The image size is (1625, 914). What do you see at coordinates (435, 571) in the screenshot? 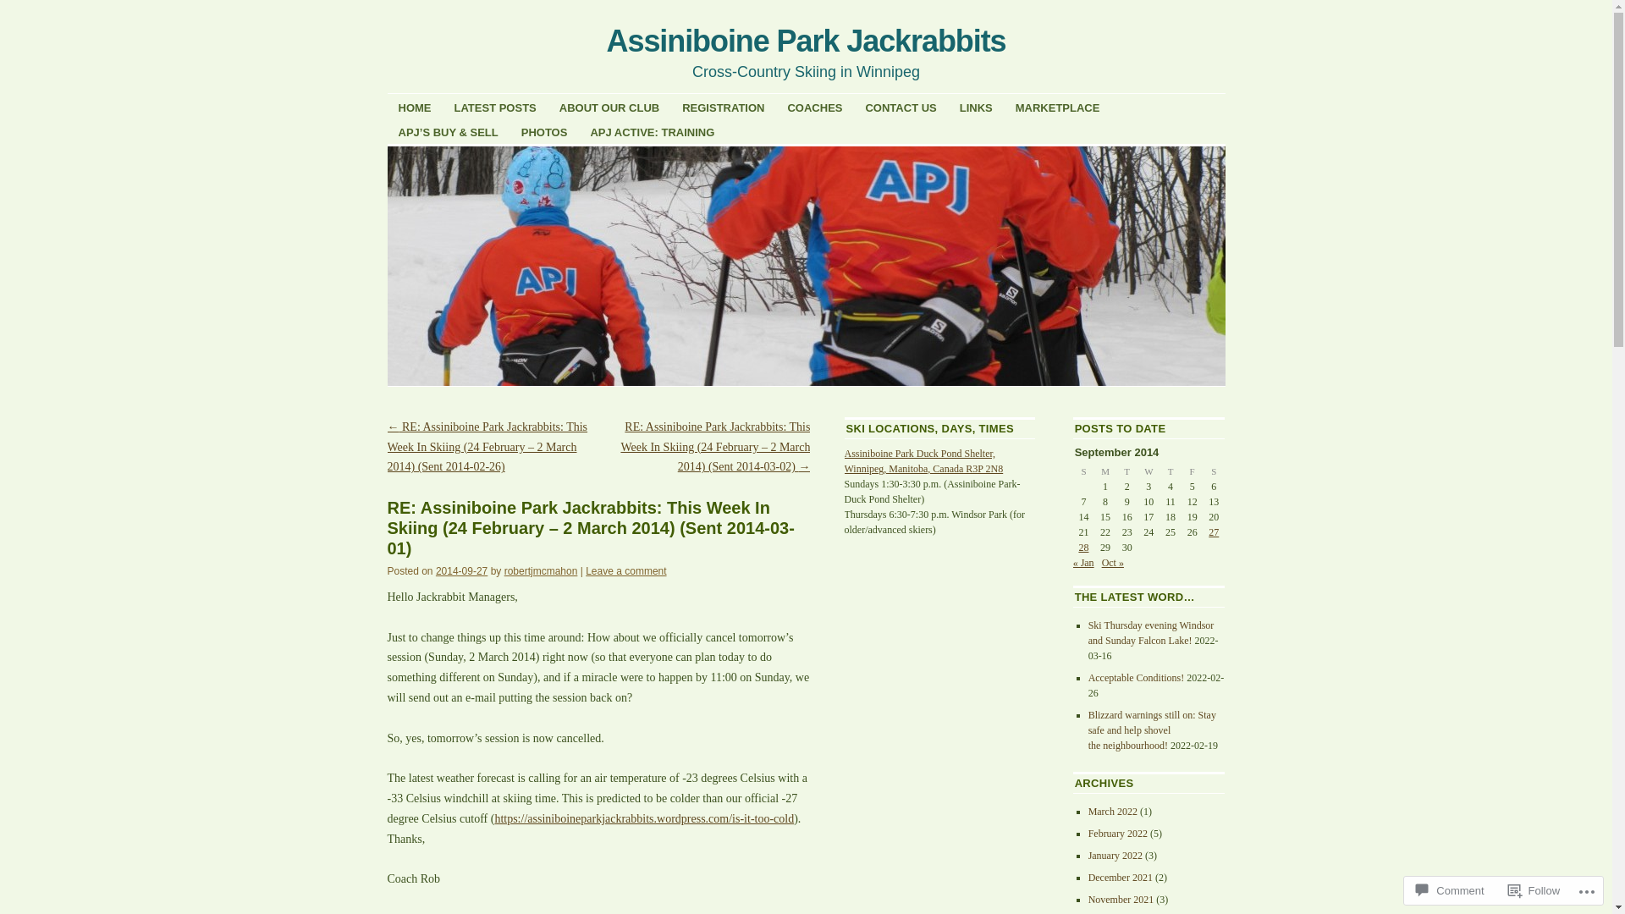
I see `'2014-09-27'` at bounding box center [435, 571].